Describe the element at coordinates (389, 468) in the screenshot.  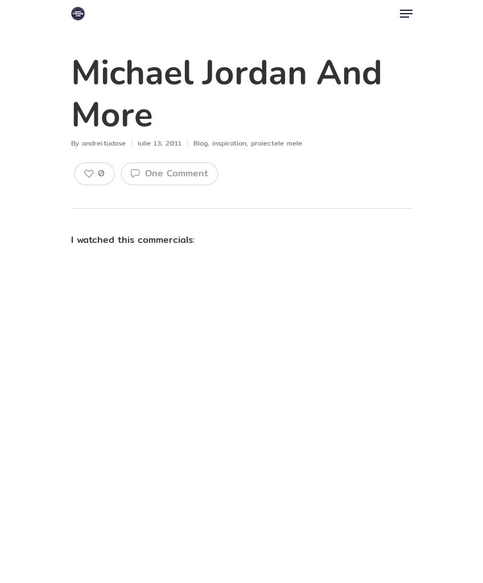
I see `'Bărbatul'` at that location.